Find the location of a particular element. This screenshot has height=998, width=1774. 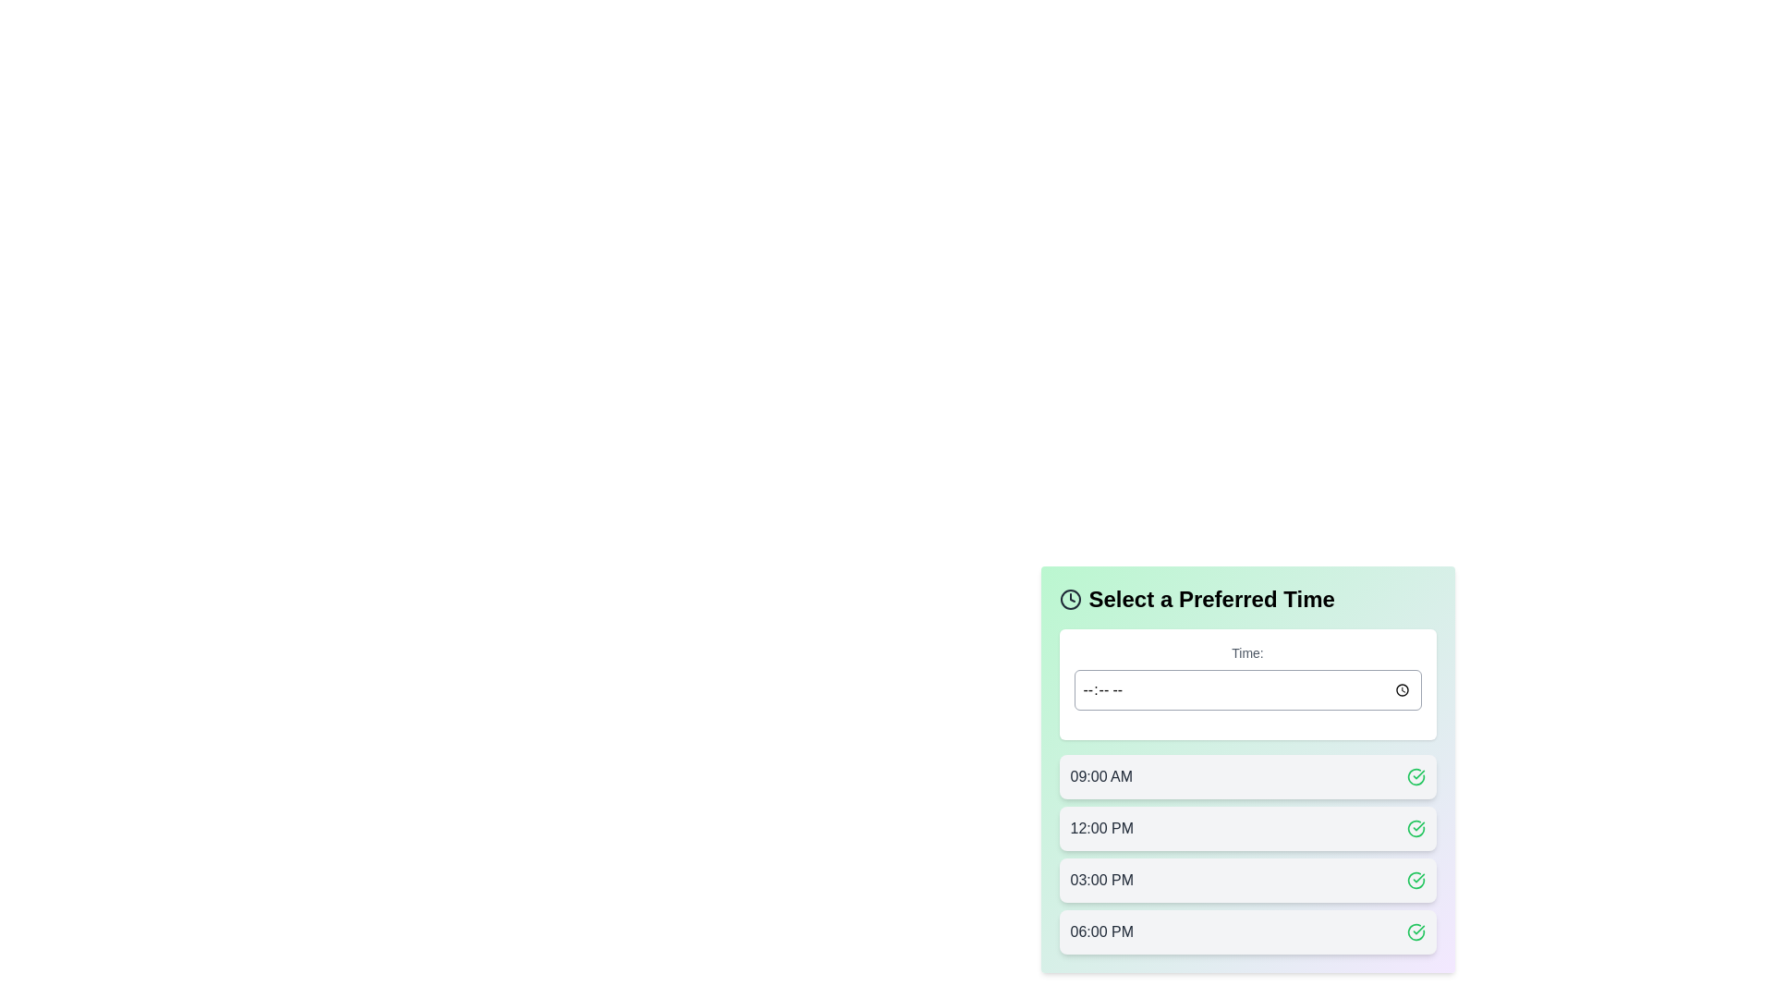

the Time input field located beneath the 'Time:' label in the centered card interface is located at coordinates (1247, 690).